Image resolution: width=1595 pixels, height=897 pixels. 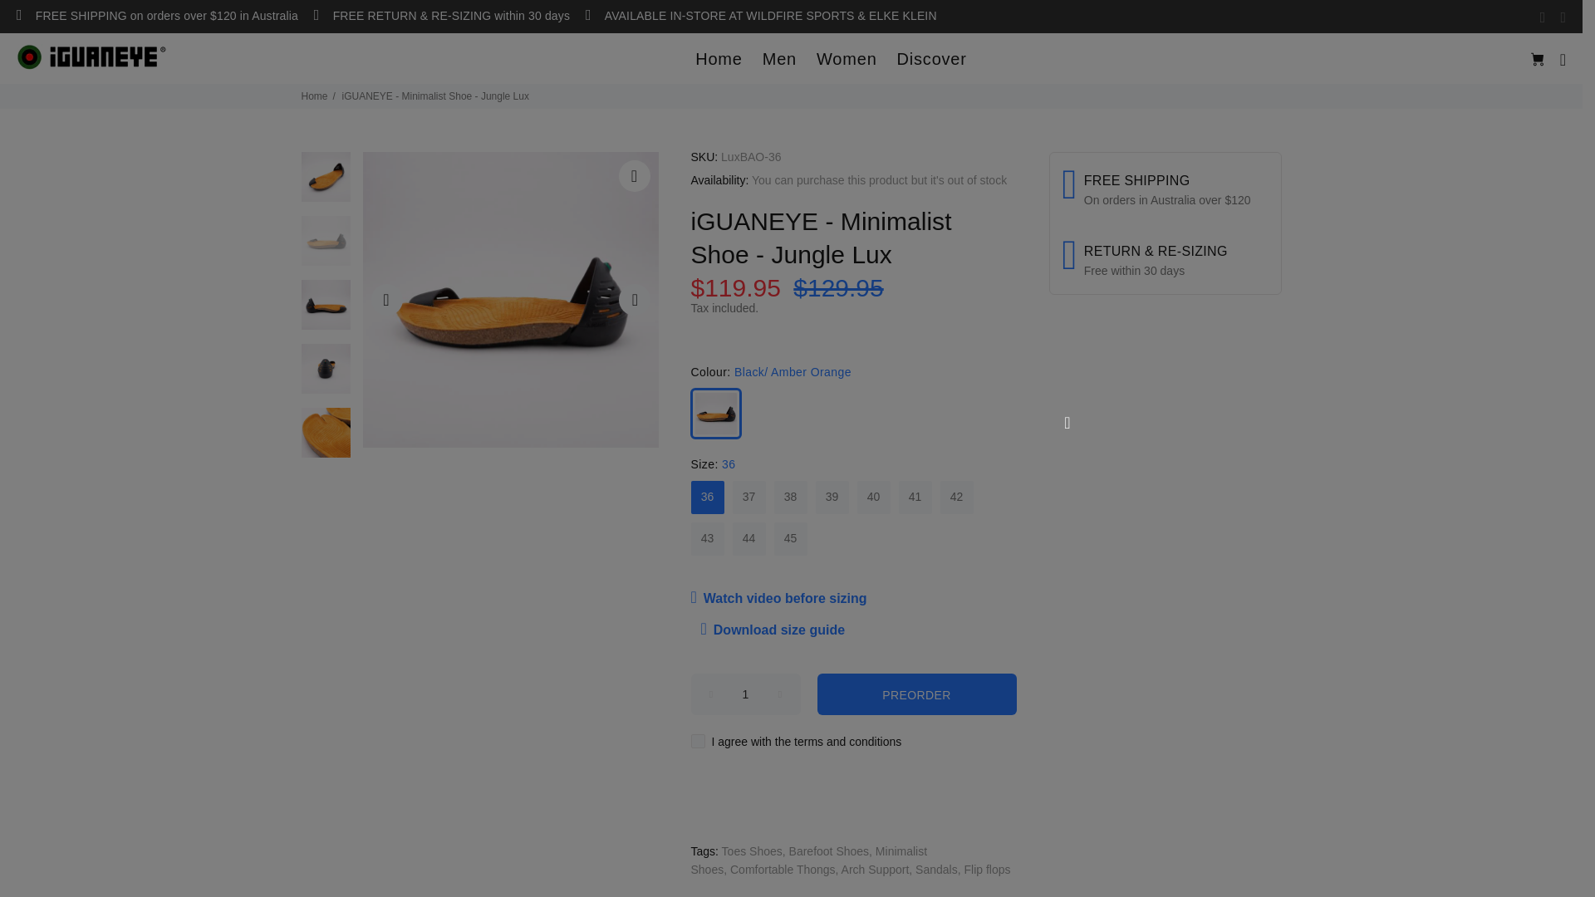 What do you see at coordinates (940, 496) in the screenshot?
I see `'42'` at bounding box center [940, 496].